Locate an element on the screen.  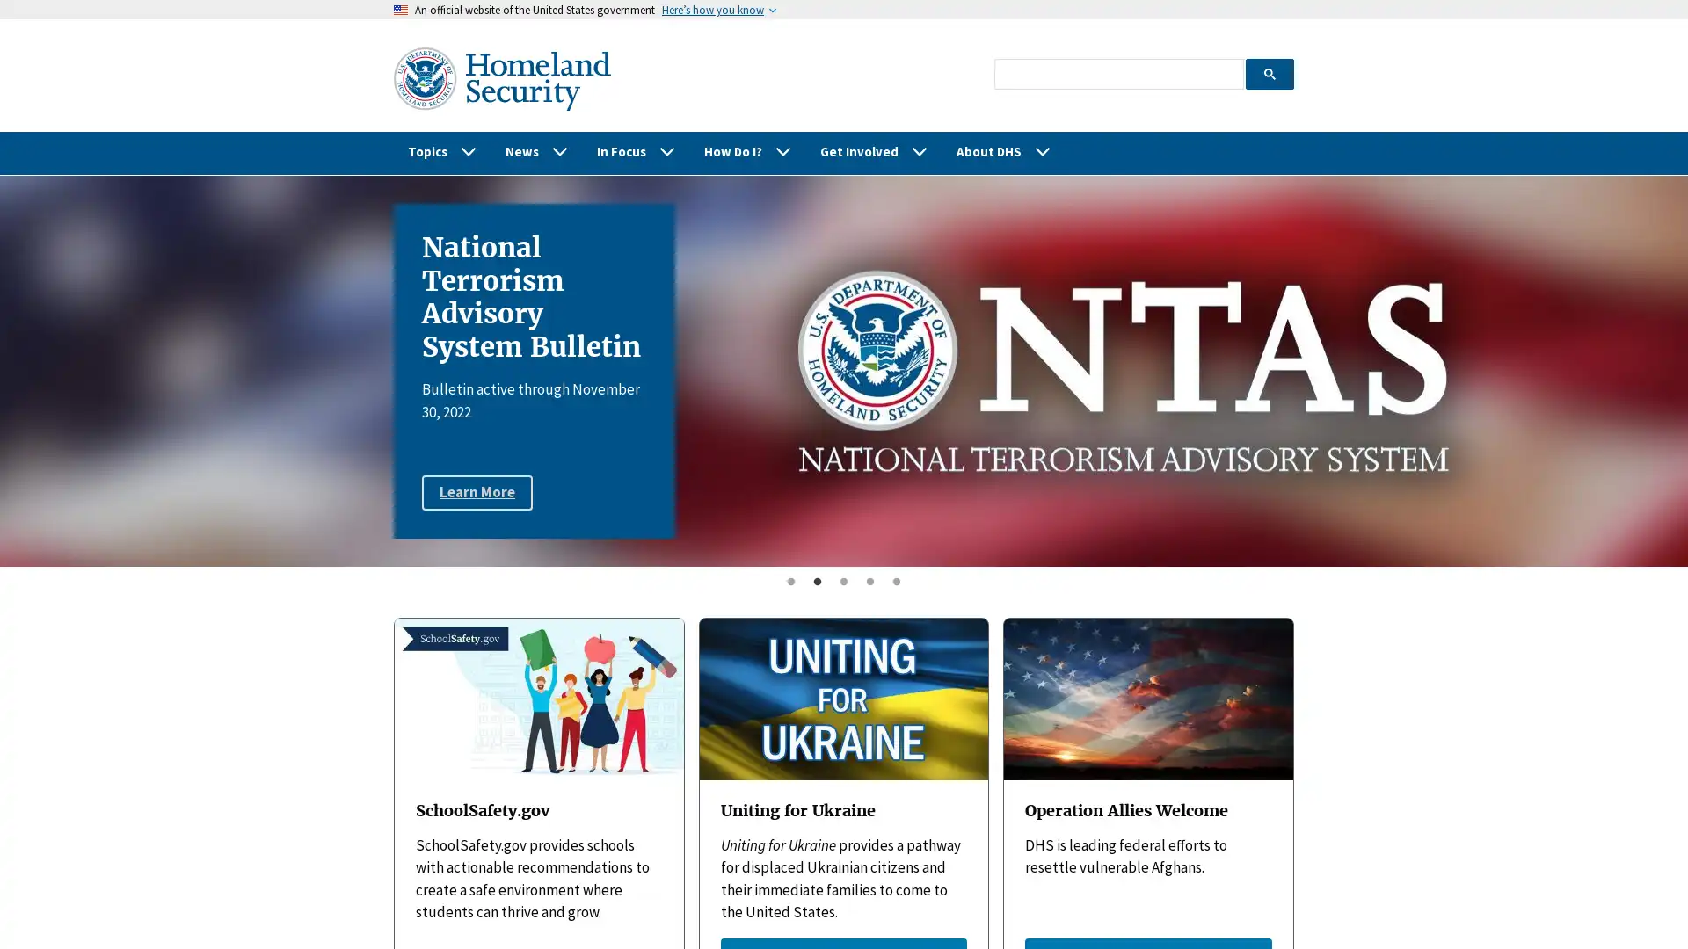
In Focus is located at coordinates (636, 150).